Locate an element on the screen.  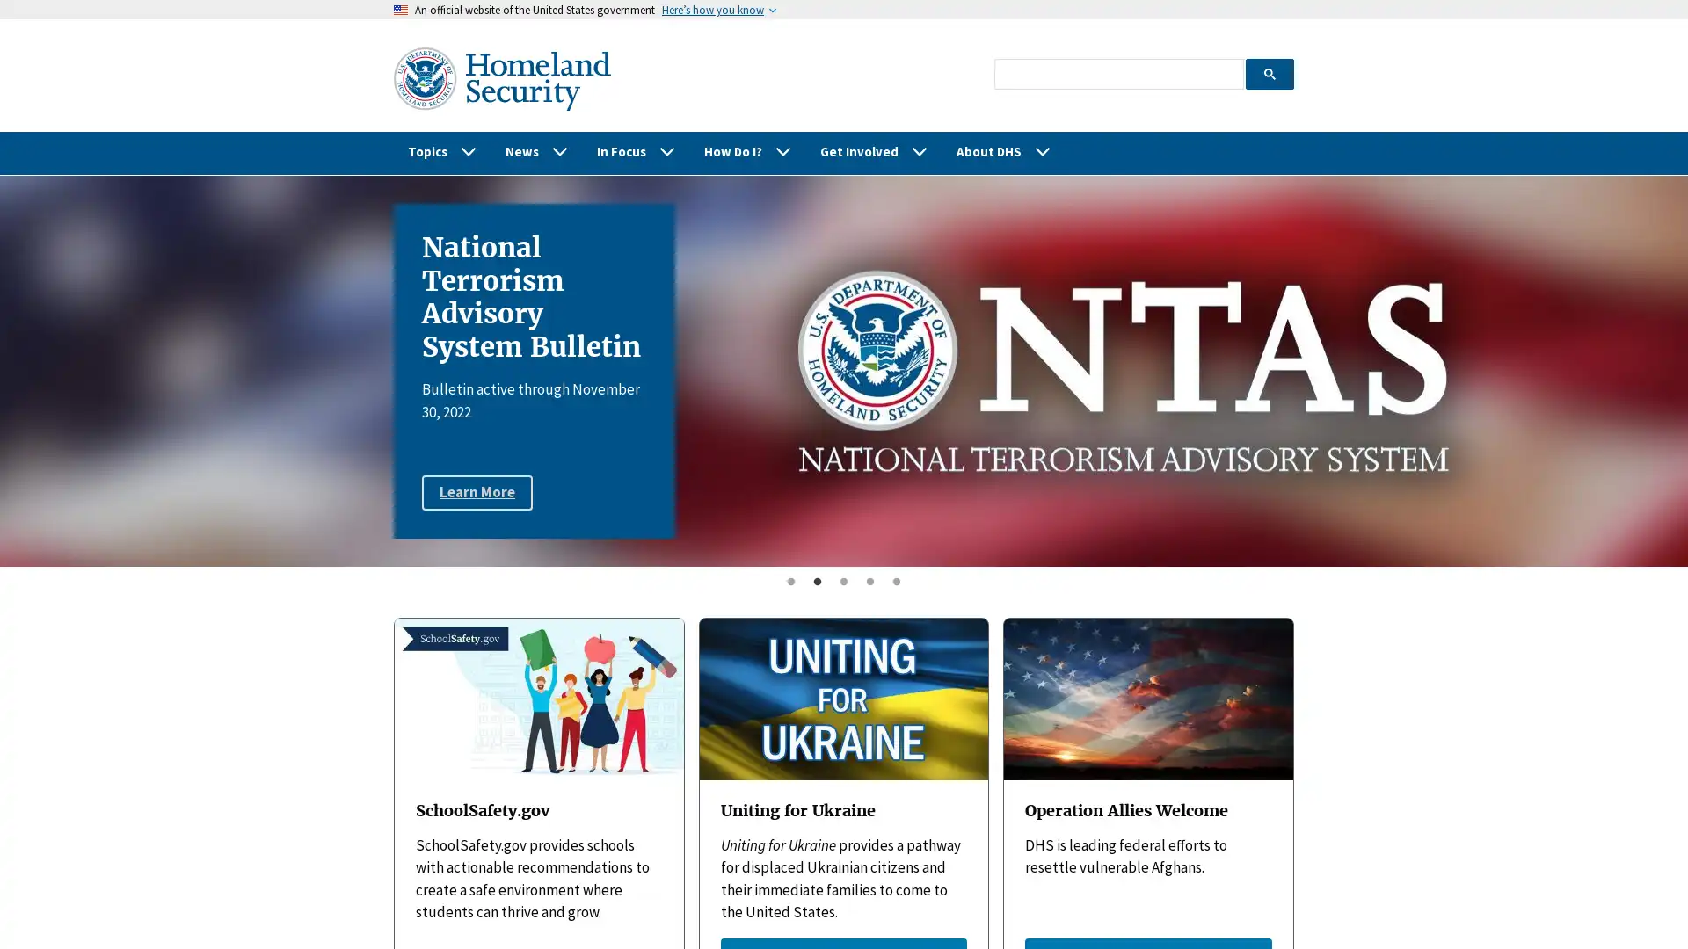
In Focus is located at coordinates (636, 150).